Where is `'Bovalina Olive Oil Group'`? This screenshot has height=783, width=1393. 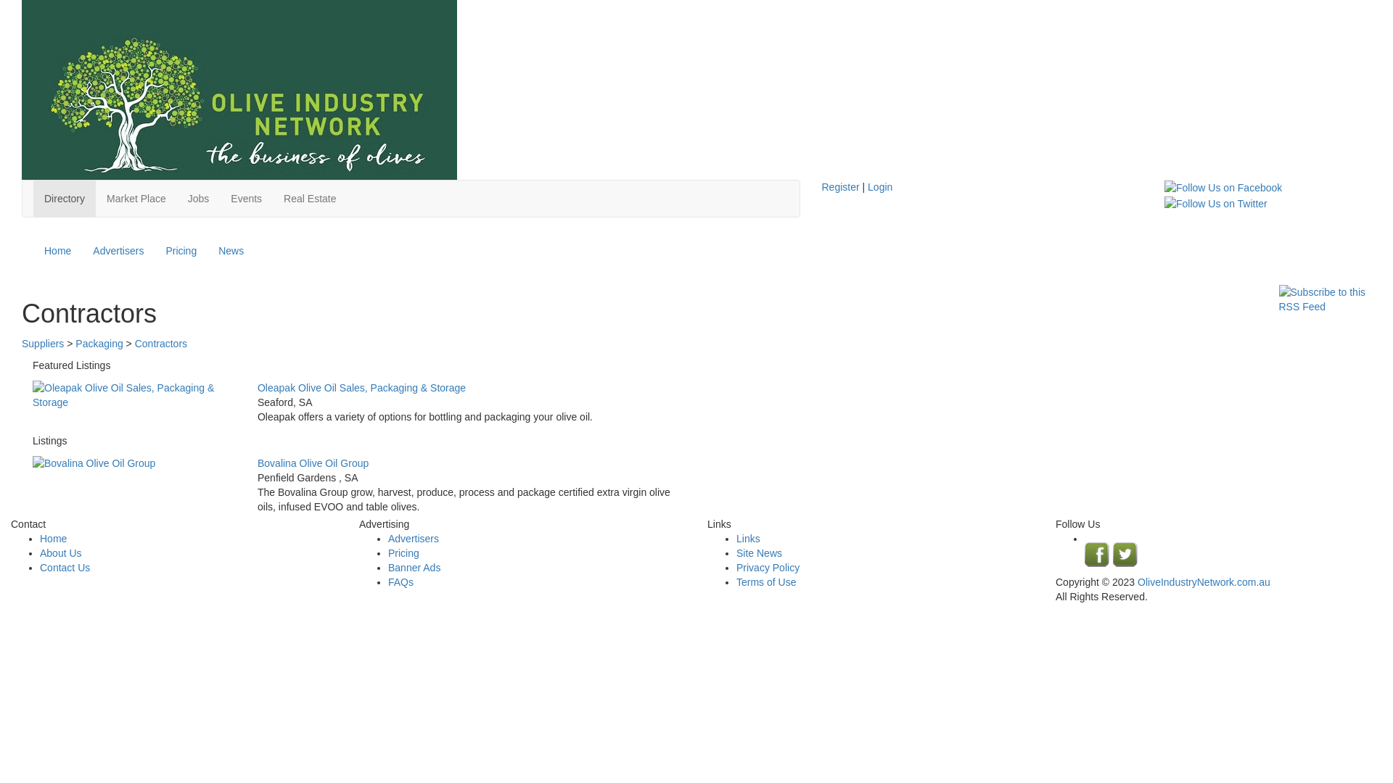 'Bovalina Olive Oil Group' is located at coordinates (32, 463).